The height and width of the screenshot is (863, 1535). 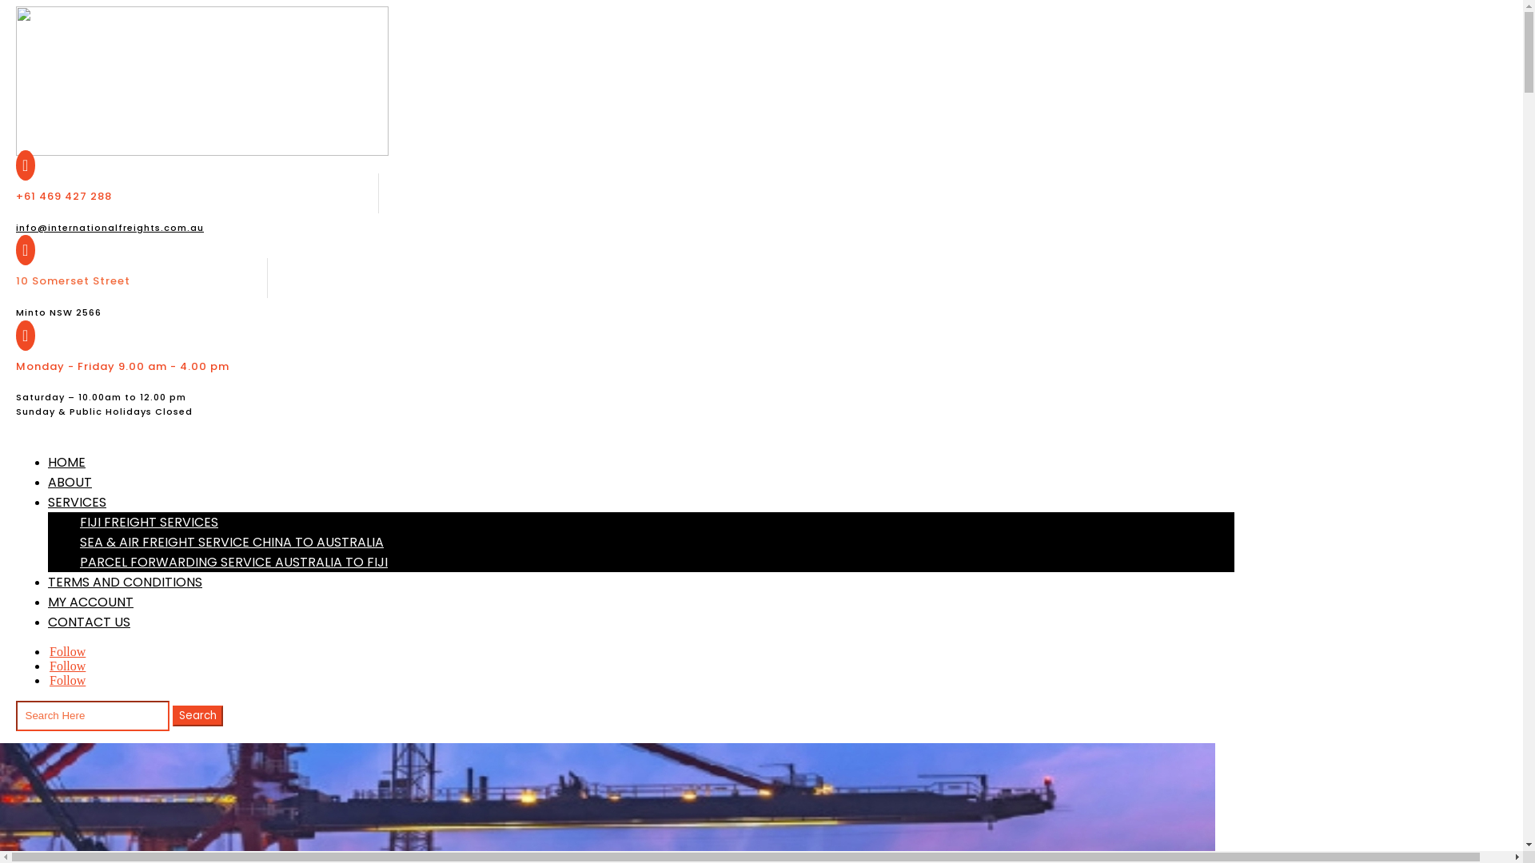 What do you see at coordinates (88, 621) in the screenshot?
I see `'CONTACT US'` at bounding box center [88, 621].